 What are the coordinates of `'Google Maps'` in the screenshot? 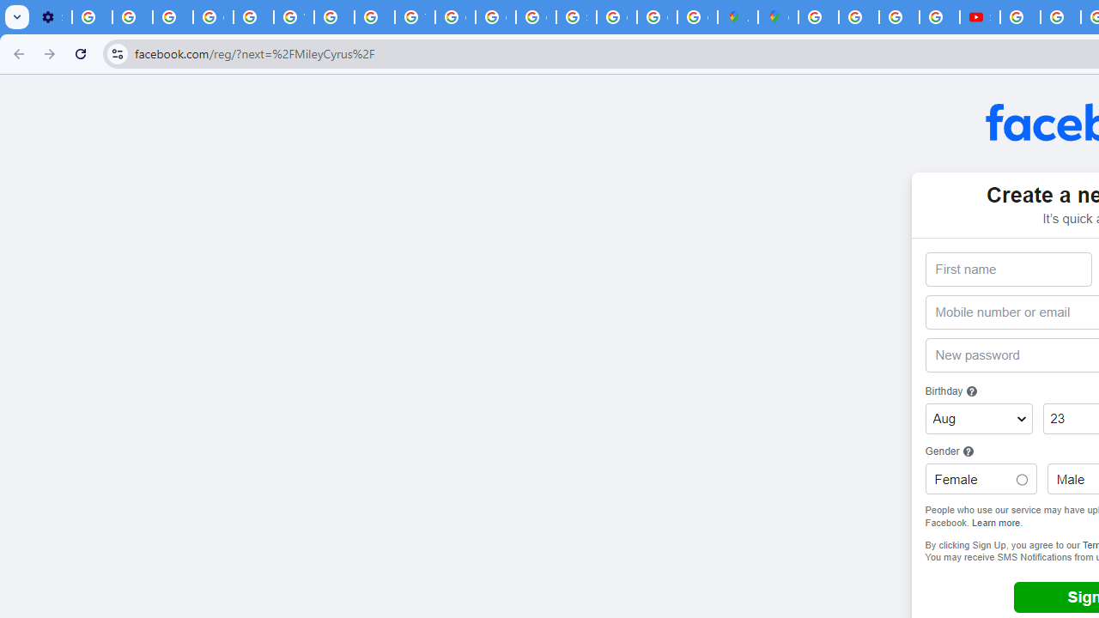 It's located at (777, 17).